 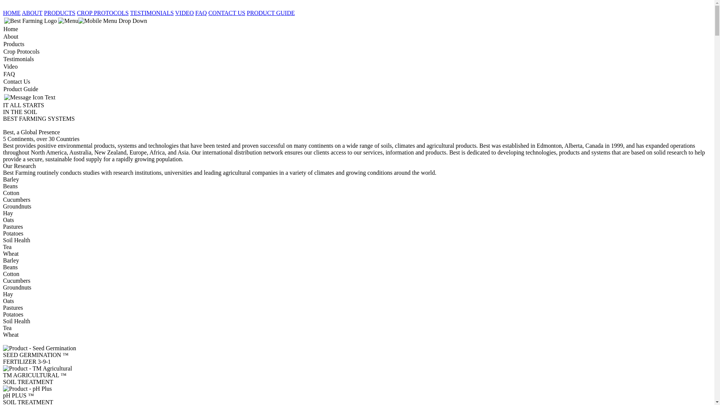 I want to click on 'Product Guide', so click(x=3, y=89).